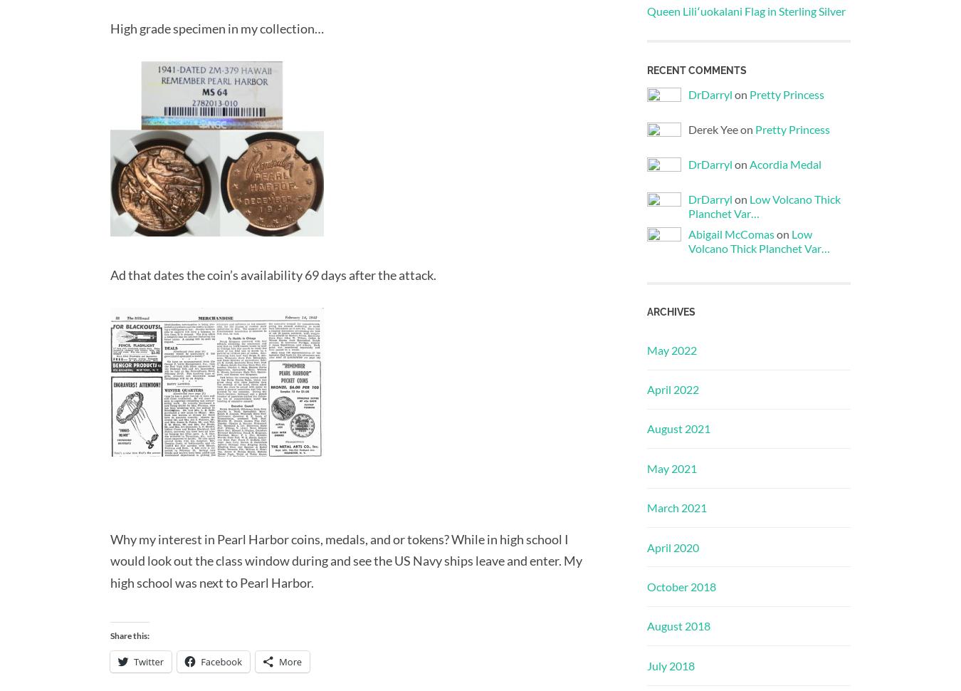 Image resolution: width=961 pixels, height=691 pixels. Describe the element at coordinates (148, 660) in the screenshot. I see `'Twitter'` at that location.